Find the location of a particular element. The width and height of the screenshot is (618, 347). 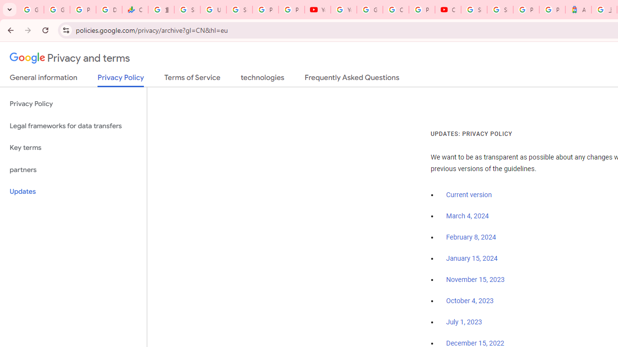

'Forward' is located at coordinates (28, 29).